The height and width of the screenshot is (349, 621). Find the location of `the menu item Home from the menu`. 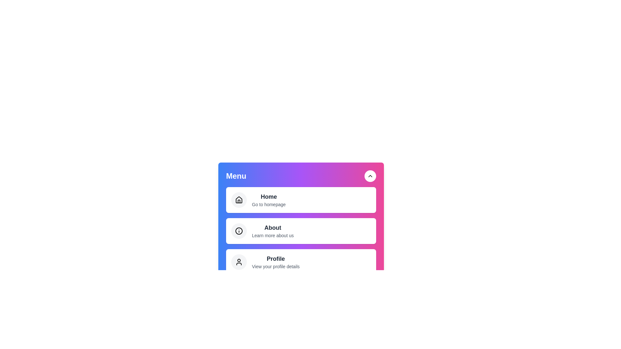

the menu item Home from the menu is located at coordinates (301, 199).